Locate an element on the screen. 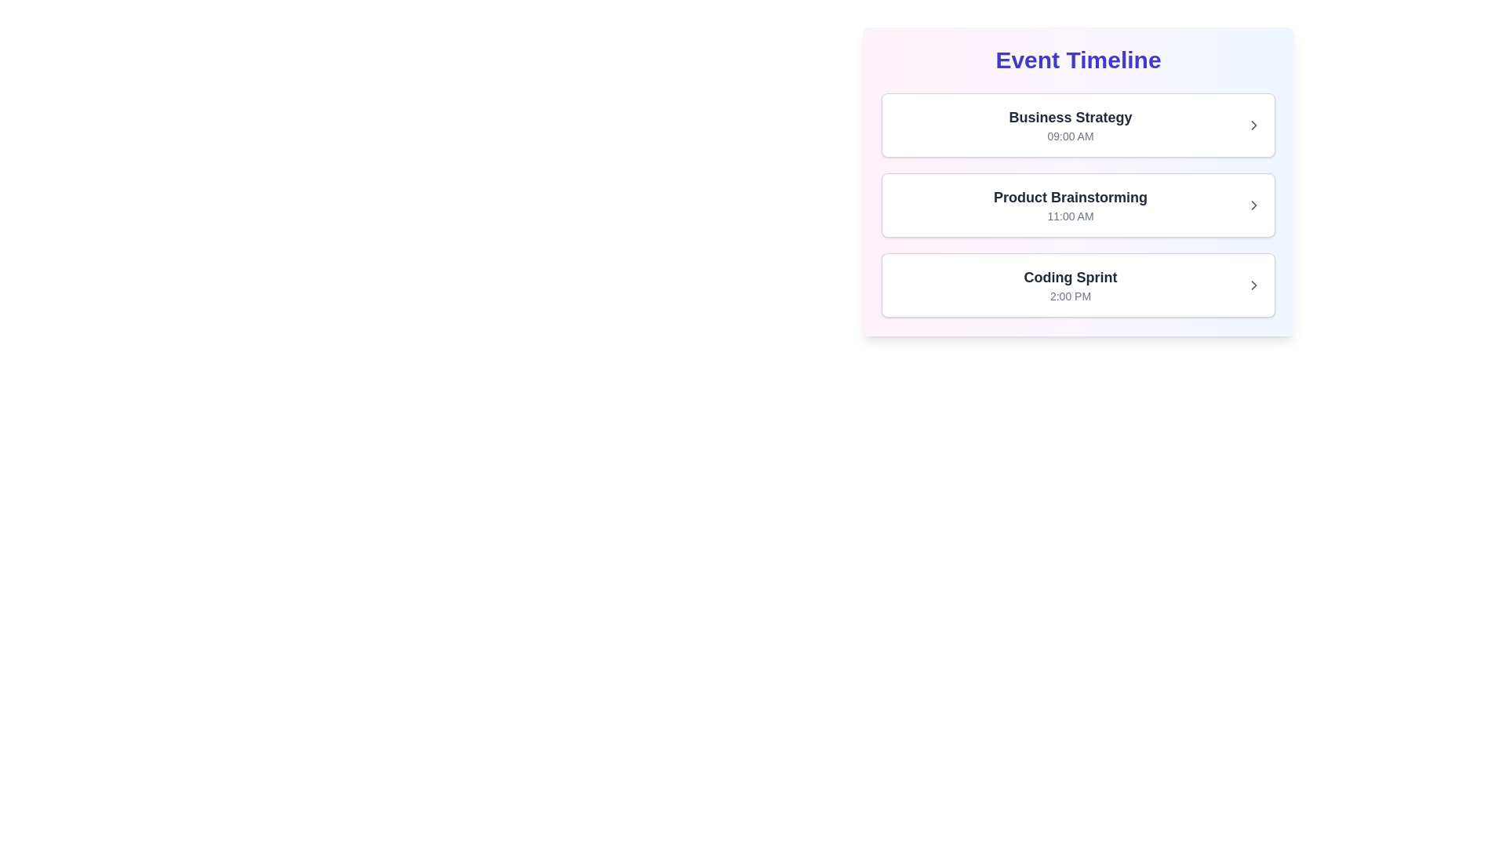 This screenshot has height=847, width=1506. the small right-pointing chevron icon located at the far right edge of the 'Coding Sprint' event block in the 'Event Timeline' section is located at coordinates (1253, 285).